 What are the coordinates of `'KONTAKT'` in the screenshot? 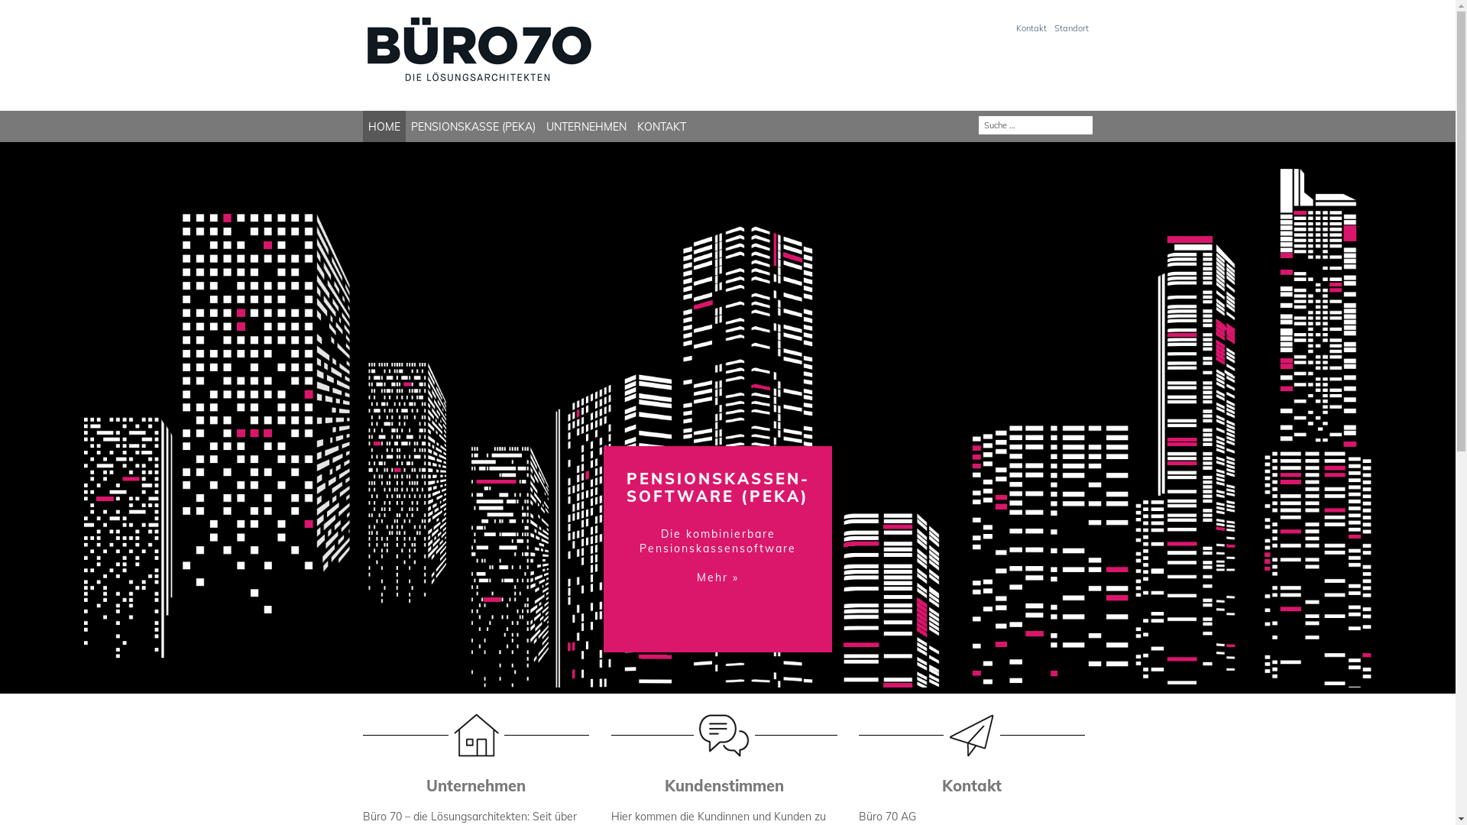 It's located at (661, 125).